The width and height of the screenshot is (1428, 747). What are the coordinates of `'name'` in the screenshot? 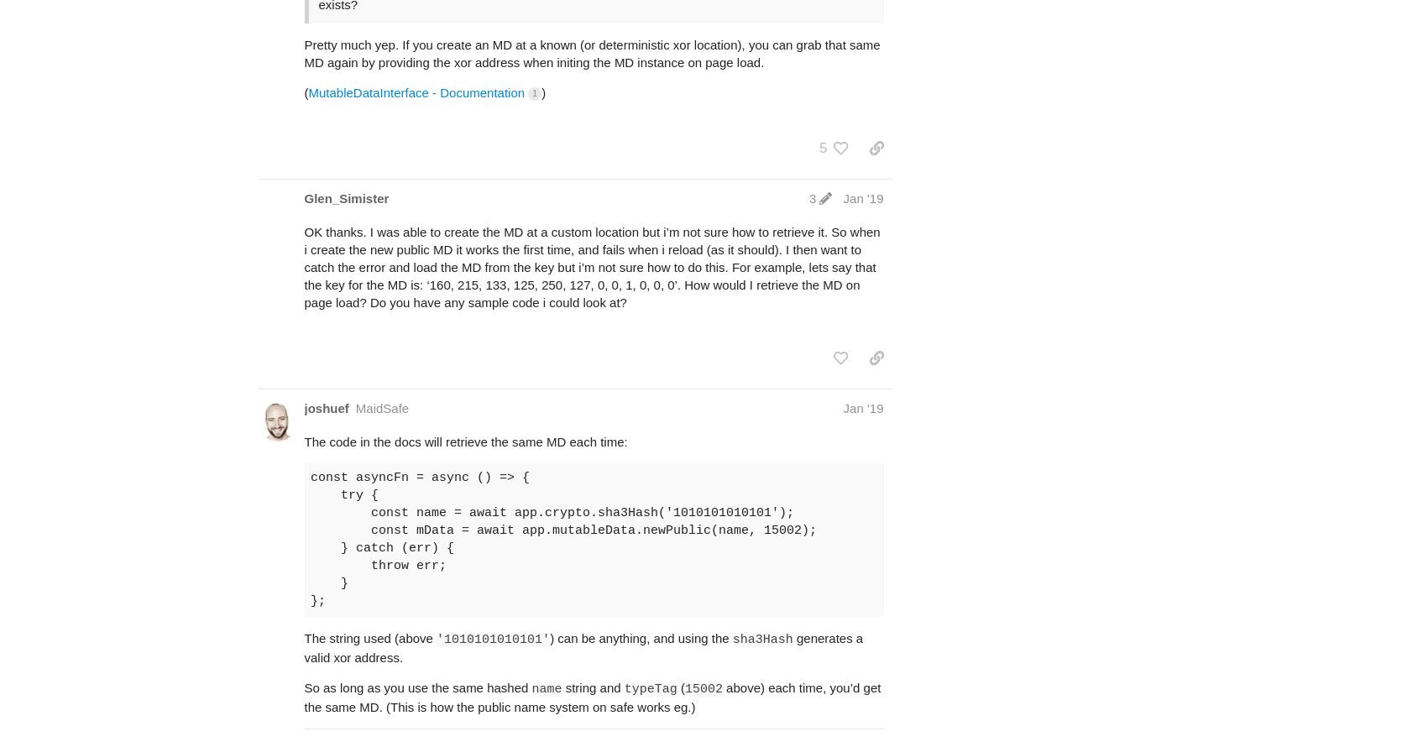 It's located at (545, 687).